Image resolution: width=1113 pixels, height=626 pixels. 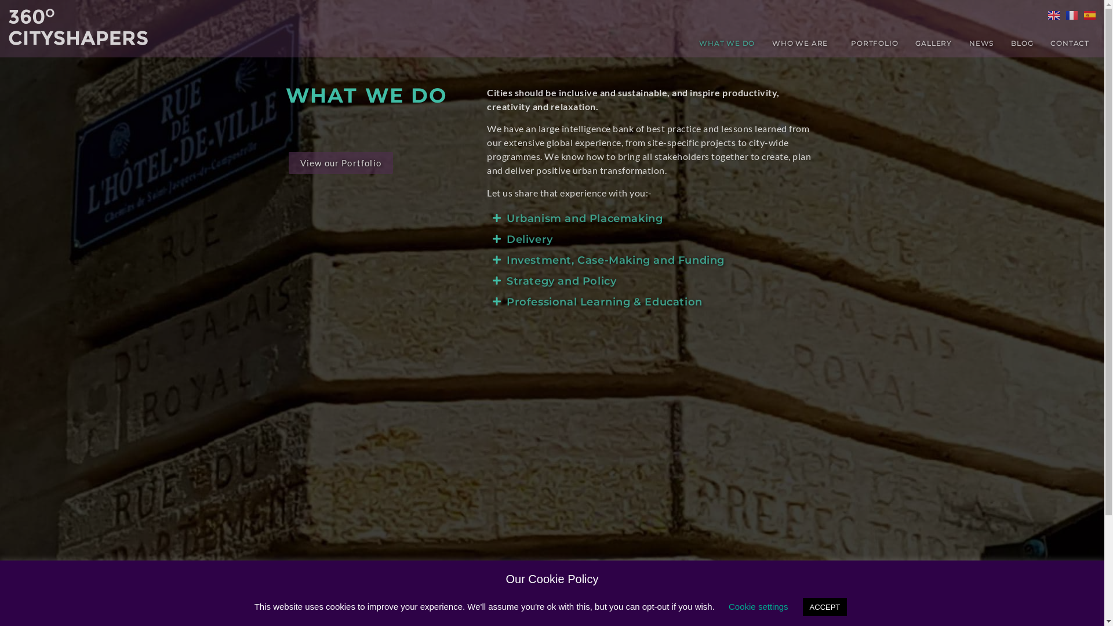 I want to click on 'CONTACT', so click(x=1050, y=42).